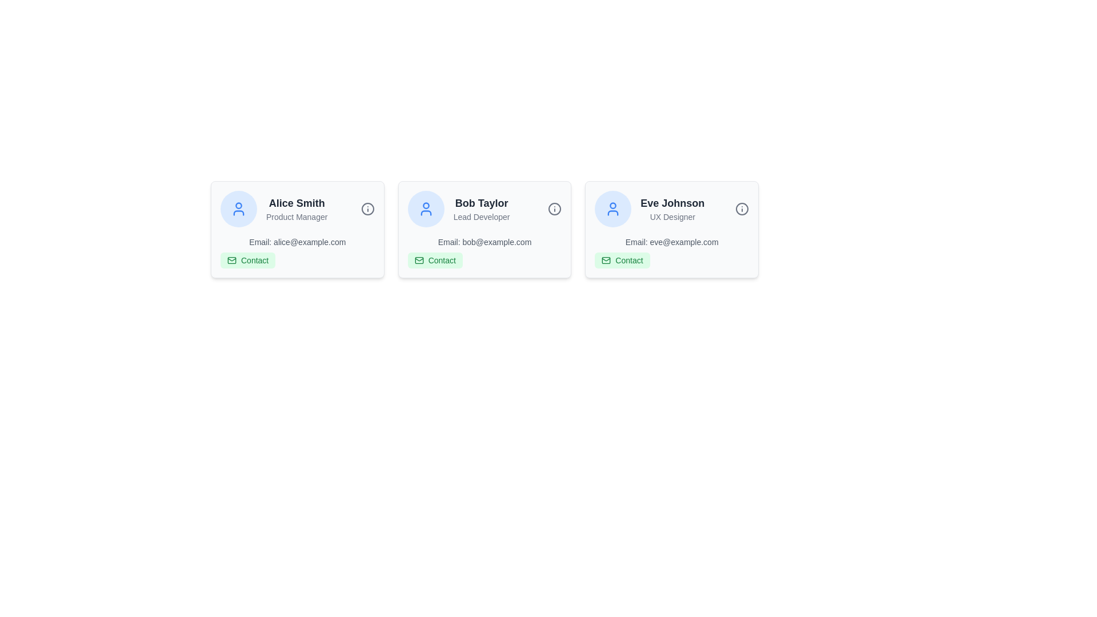 The image size is (1097, 617). Describe the element at coordinates (434, 260) in the screenshot. I see `the contact button located below the text 'Email: bob@example.com' in the middle profile card` at that location.